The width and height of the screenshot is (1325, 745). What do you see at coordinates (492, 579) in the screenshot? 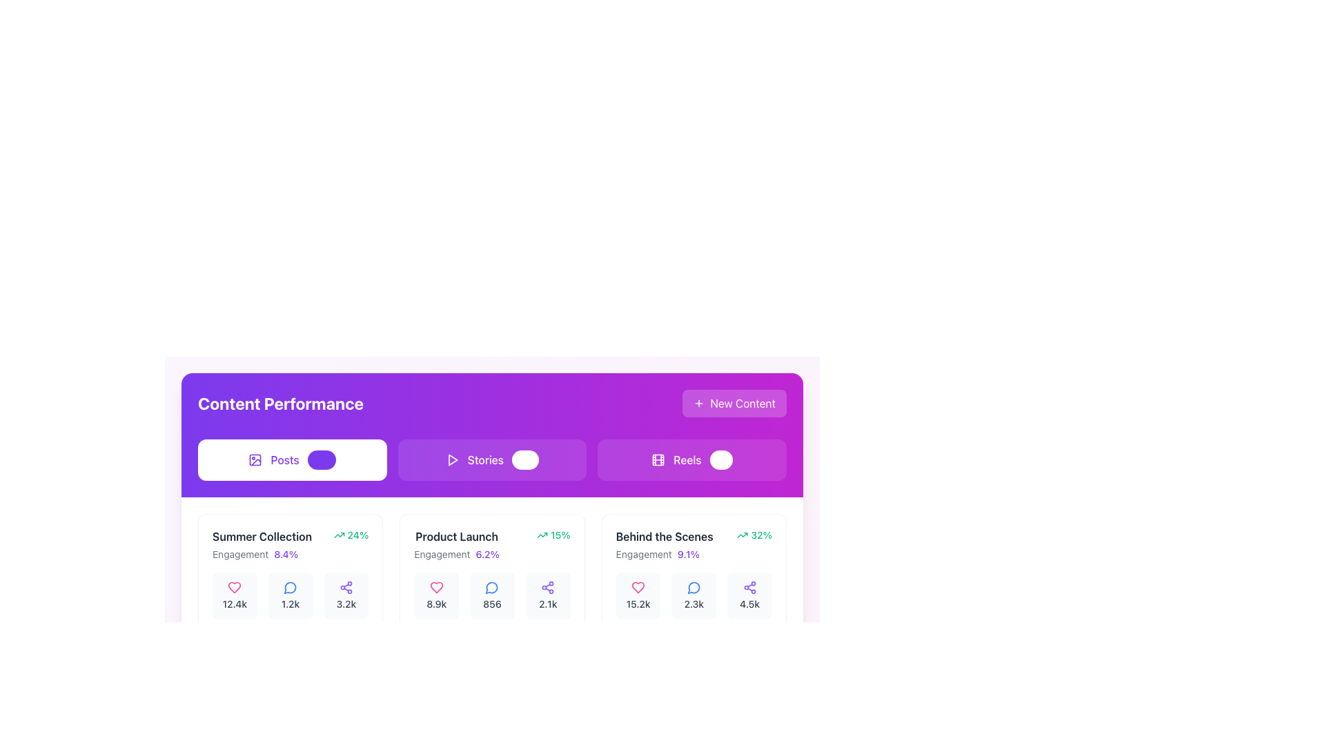
I see `the 'Product Launch' Data Display Card, which shows an engagement percentage of '6.2%' and is located in the central column under the 'Content Performance' header` at bounding box center [492, 579].